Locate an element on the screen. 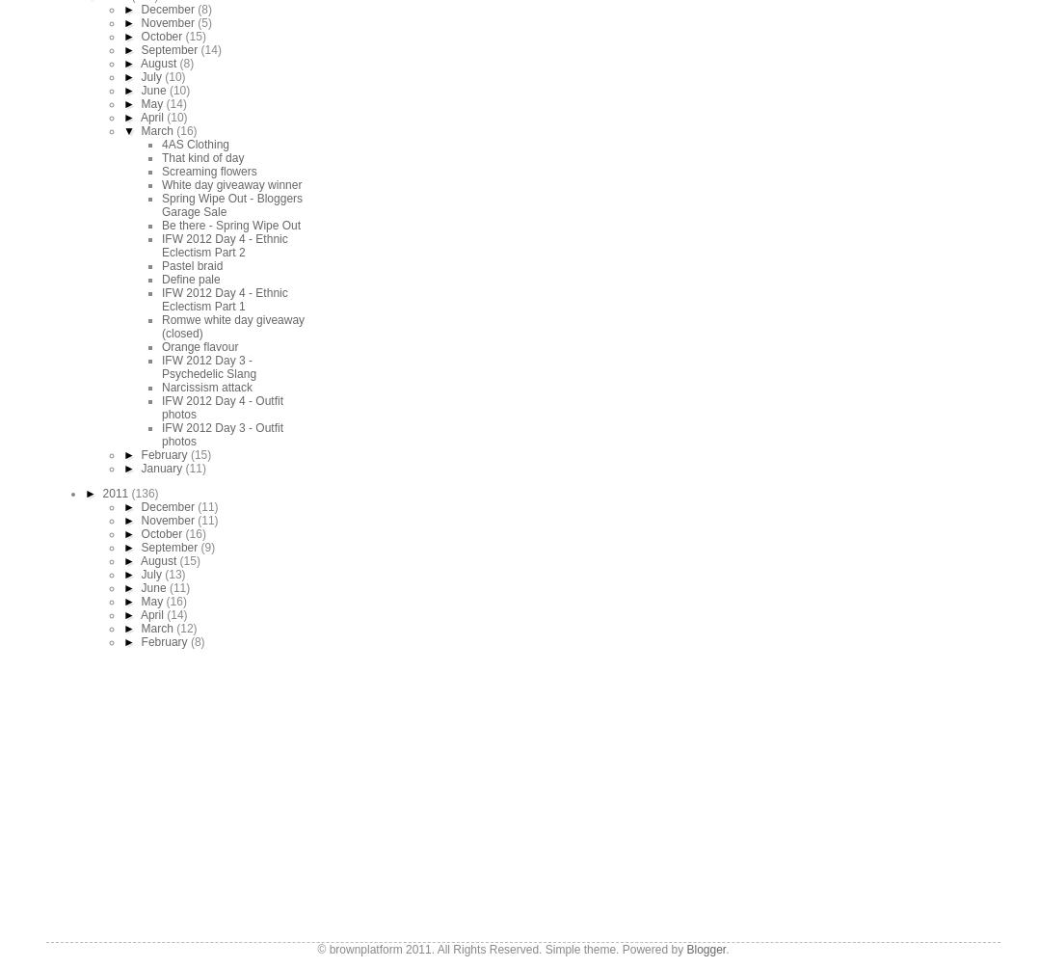  'Blogger' is located at coordinates (706, 947).